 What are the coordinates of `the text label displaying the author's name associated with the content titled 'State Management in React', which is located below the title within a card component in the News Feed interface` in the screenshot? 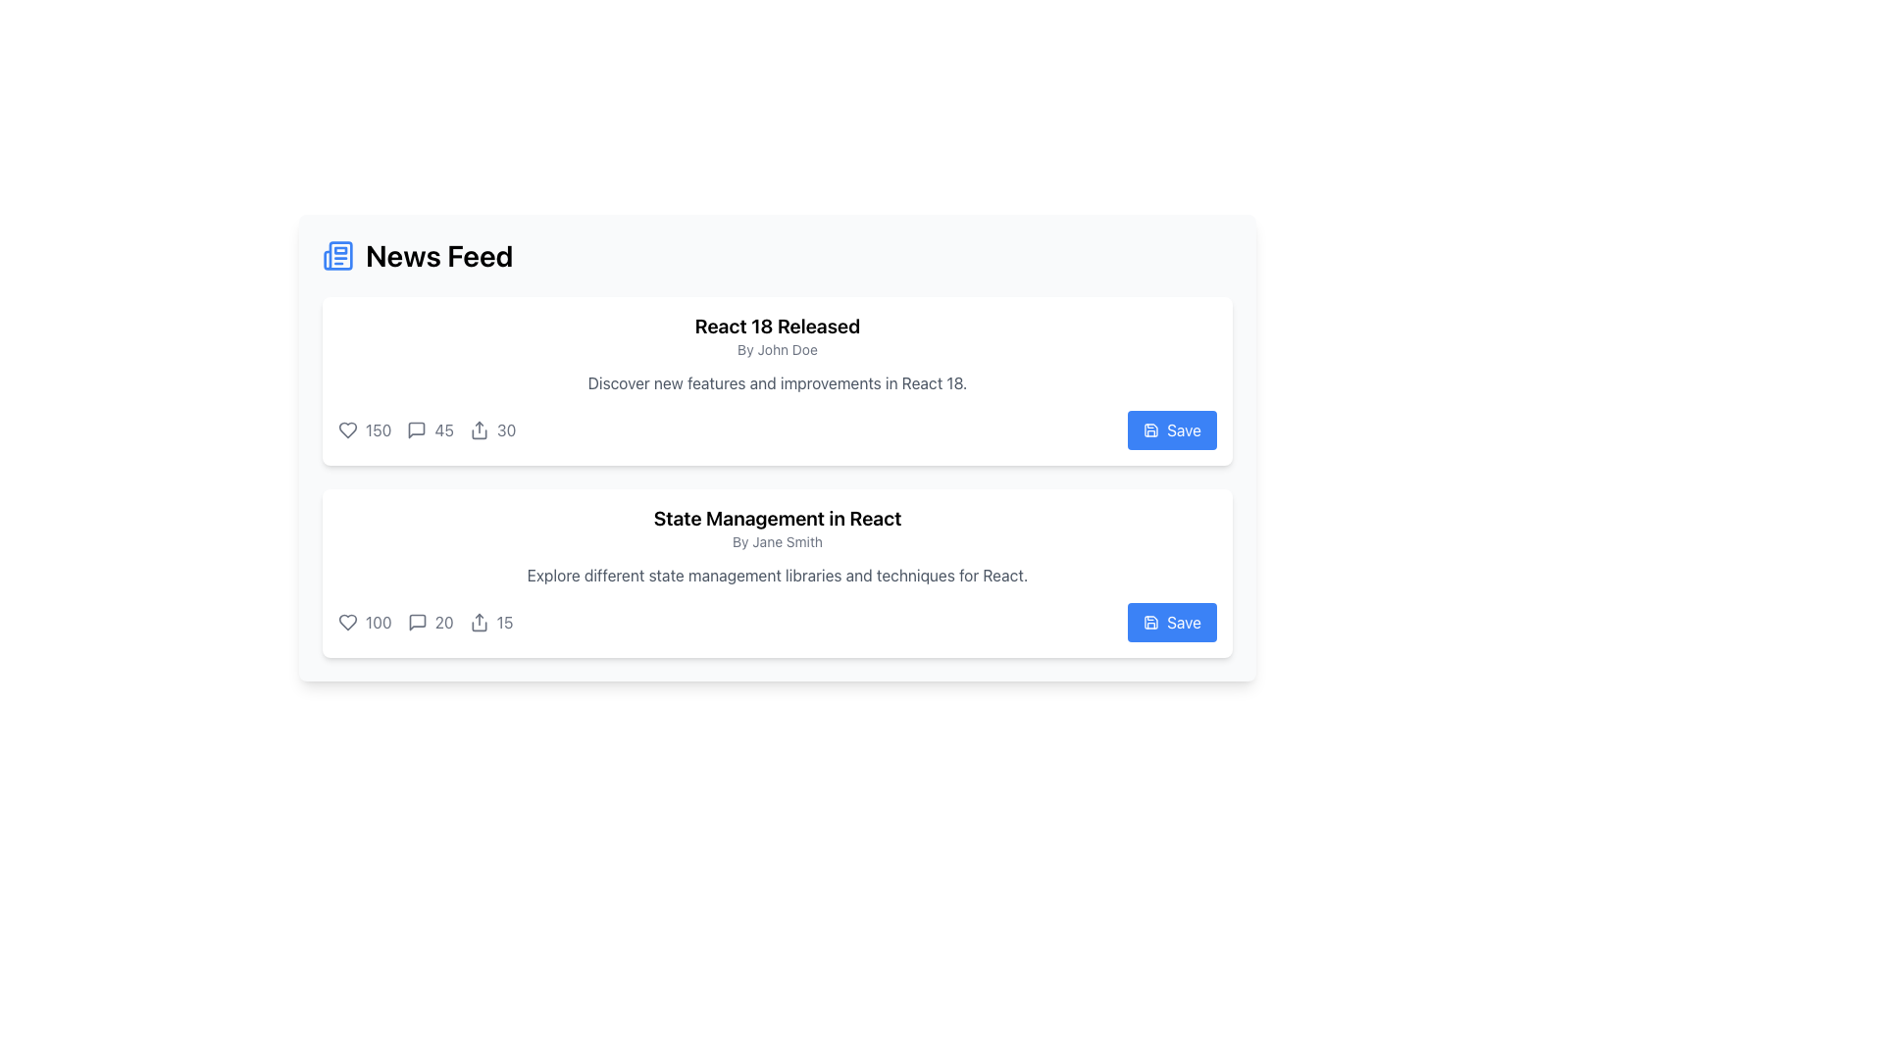 It's located at (776, 541).